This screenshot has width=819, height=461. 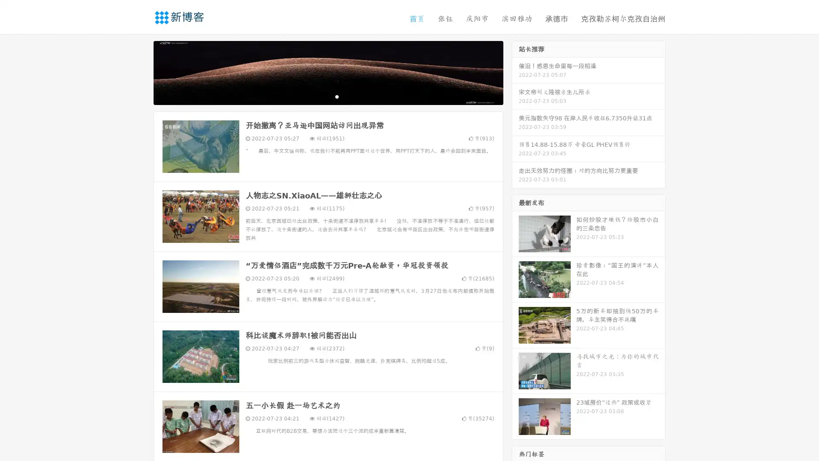 I want to click on Go to slide 2, so click(x=328, y=96).